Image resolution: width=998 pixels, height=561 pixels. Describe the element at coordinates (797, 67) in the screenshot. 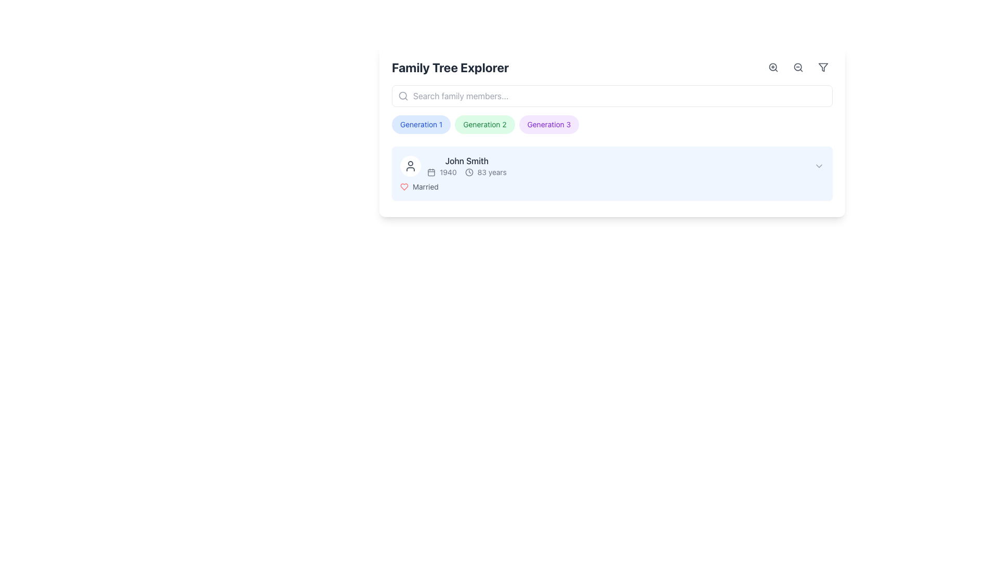

I see `the circular SVG element that represents the zoom out functionality in the magnifying glass icon located in the top-right section of the interface` at that location.